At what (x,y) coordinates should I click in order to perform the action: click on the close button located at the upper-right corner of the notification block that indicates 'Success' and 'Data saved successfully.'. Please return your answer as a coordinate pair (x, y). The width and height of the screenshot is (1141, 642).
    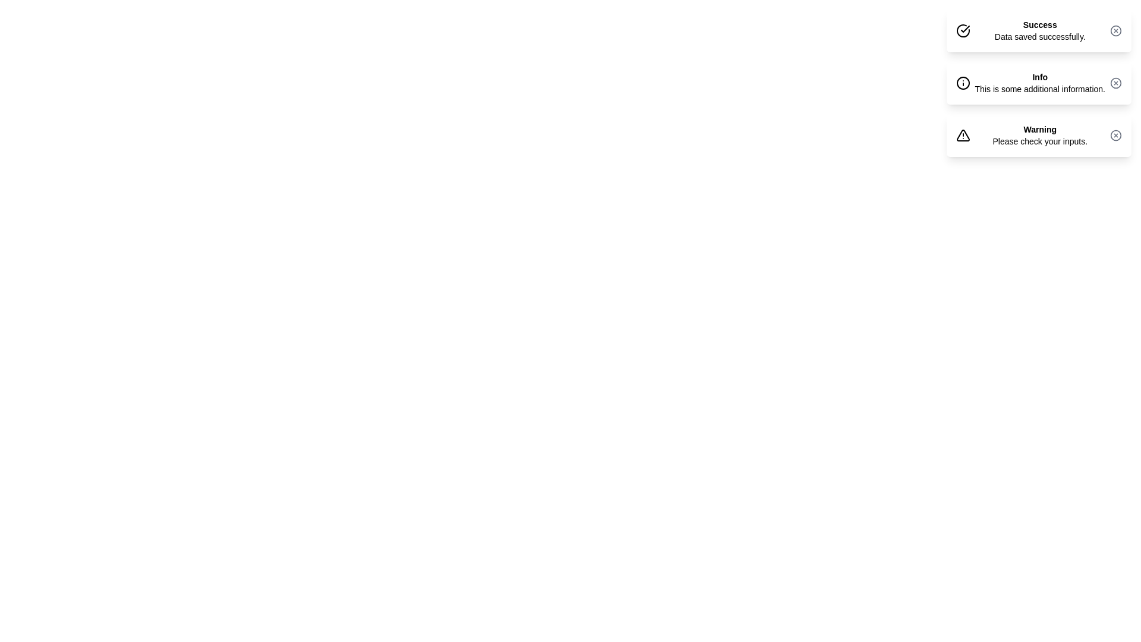
    Looking at the image, I should click on (1115, 30).